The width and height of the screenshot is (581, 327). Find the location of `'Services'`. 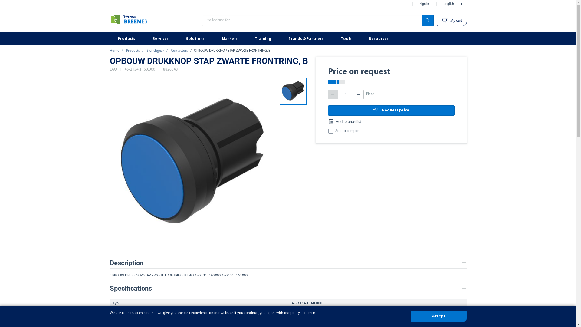

'Services' is located at coordinates (161, 38).